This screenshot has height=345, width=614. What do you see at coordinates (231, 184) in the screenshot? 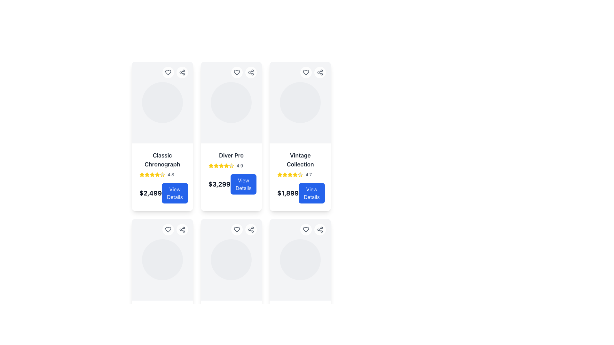
I see `the 'View Details' button adjacent to the price label '$3,299' to observe the hover effect` at bounding box center [231, 184].